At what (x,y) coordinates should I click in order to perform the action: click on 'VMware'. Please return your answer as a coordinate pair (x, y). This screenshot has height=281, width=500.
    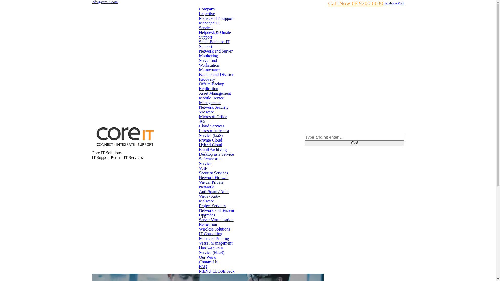
    Looking at the image, I should click on (198, 112).